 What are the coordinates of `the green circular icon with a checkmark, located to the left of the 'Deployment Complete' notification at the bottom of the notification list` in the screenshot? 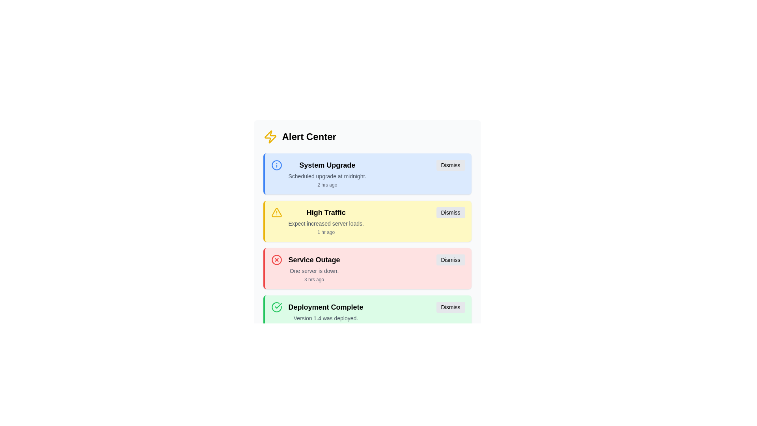 It's located at (276, 307).